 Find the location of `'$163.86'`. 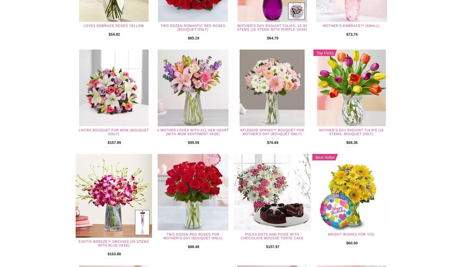

'$163.86' is located at coordinates (114, 254).